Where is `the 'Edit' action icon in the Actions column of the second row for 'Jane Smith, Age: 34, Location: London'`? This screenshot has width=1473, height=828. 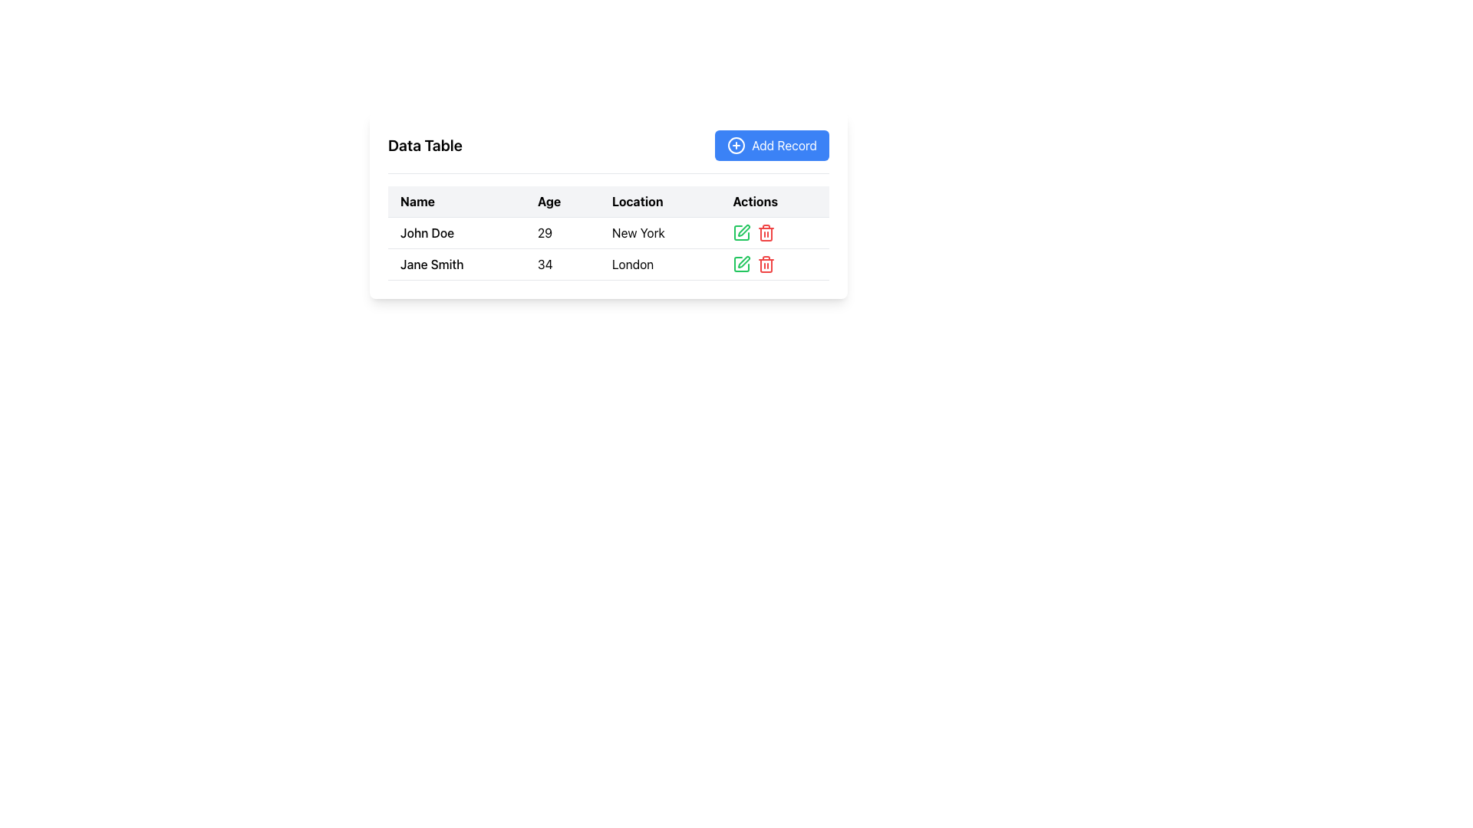 the 'Edit' action icon in the Actions column of the second row for 'Jane Smith, Age: 34, Location: London' is located at coordinates (744, 230).